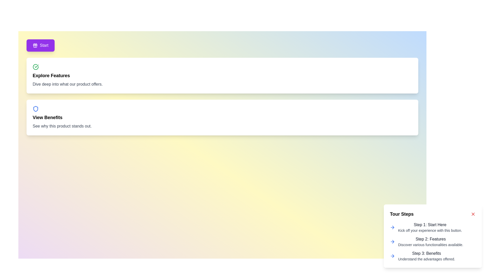 This screenshot has height=276, width=490. What do you see at coordinates (430, 239) in the screenshot?
I see `the text label that serves as the title for the second step in the guide, which is horizontally aligned with the description 'Discover various functionalities available.'` at bounding box center [430, 239].